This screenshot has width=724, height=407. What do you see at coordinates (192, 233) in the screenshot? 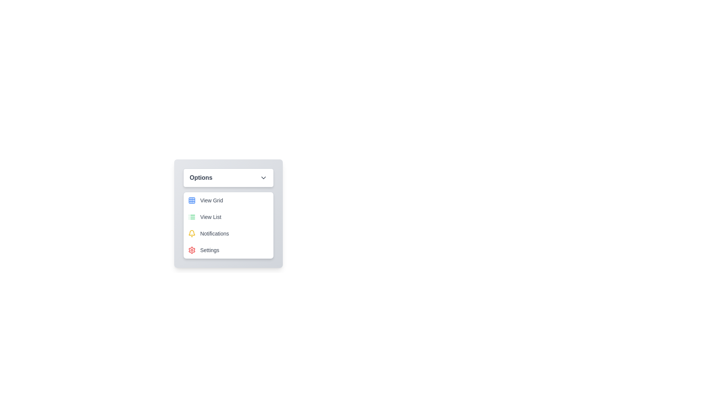
I see `the notifications icon located in the left part of the 'Notifications' menu option in the dropdown menu, prior to the text label` at bounding box center [192, 233].